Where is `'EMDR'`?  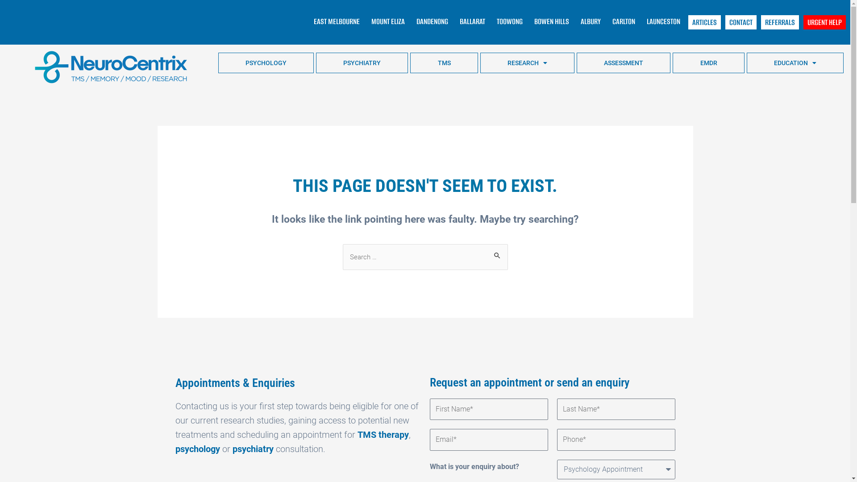
'EMDR' is located at coordinates (708, 62).